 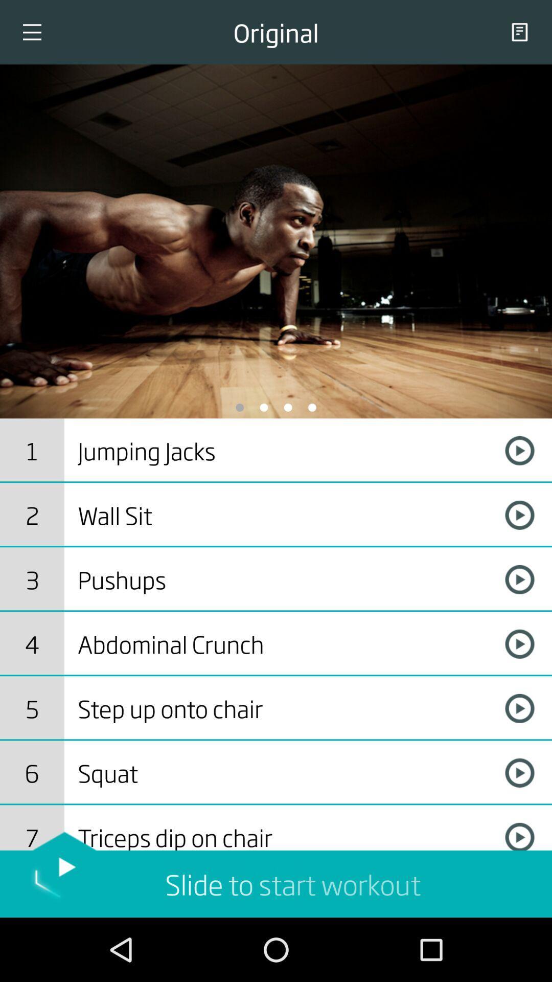 What do you see at coordinates (520, 773) in the screenshot?
I see `the play icon` at bounding box center [520, 773].